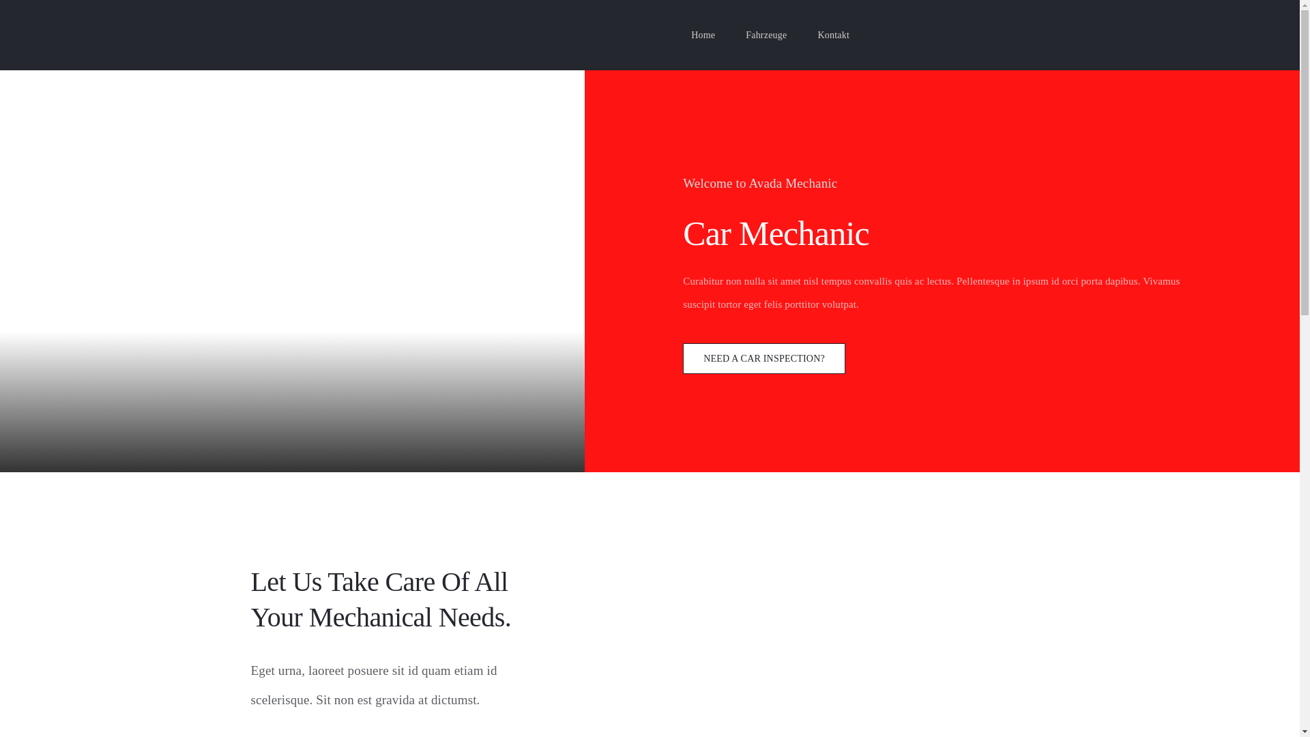 This screenshot has width=1310, height=737. What do you see at coordinates (817, 34) in the screenshot?
I see `'Kontakt'` at bounding box center [817, 34].